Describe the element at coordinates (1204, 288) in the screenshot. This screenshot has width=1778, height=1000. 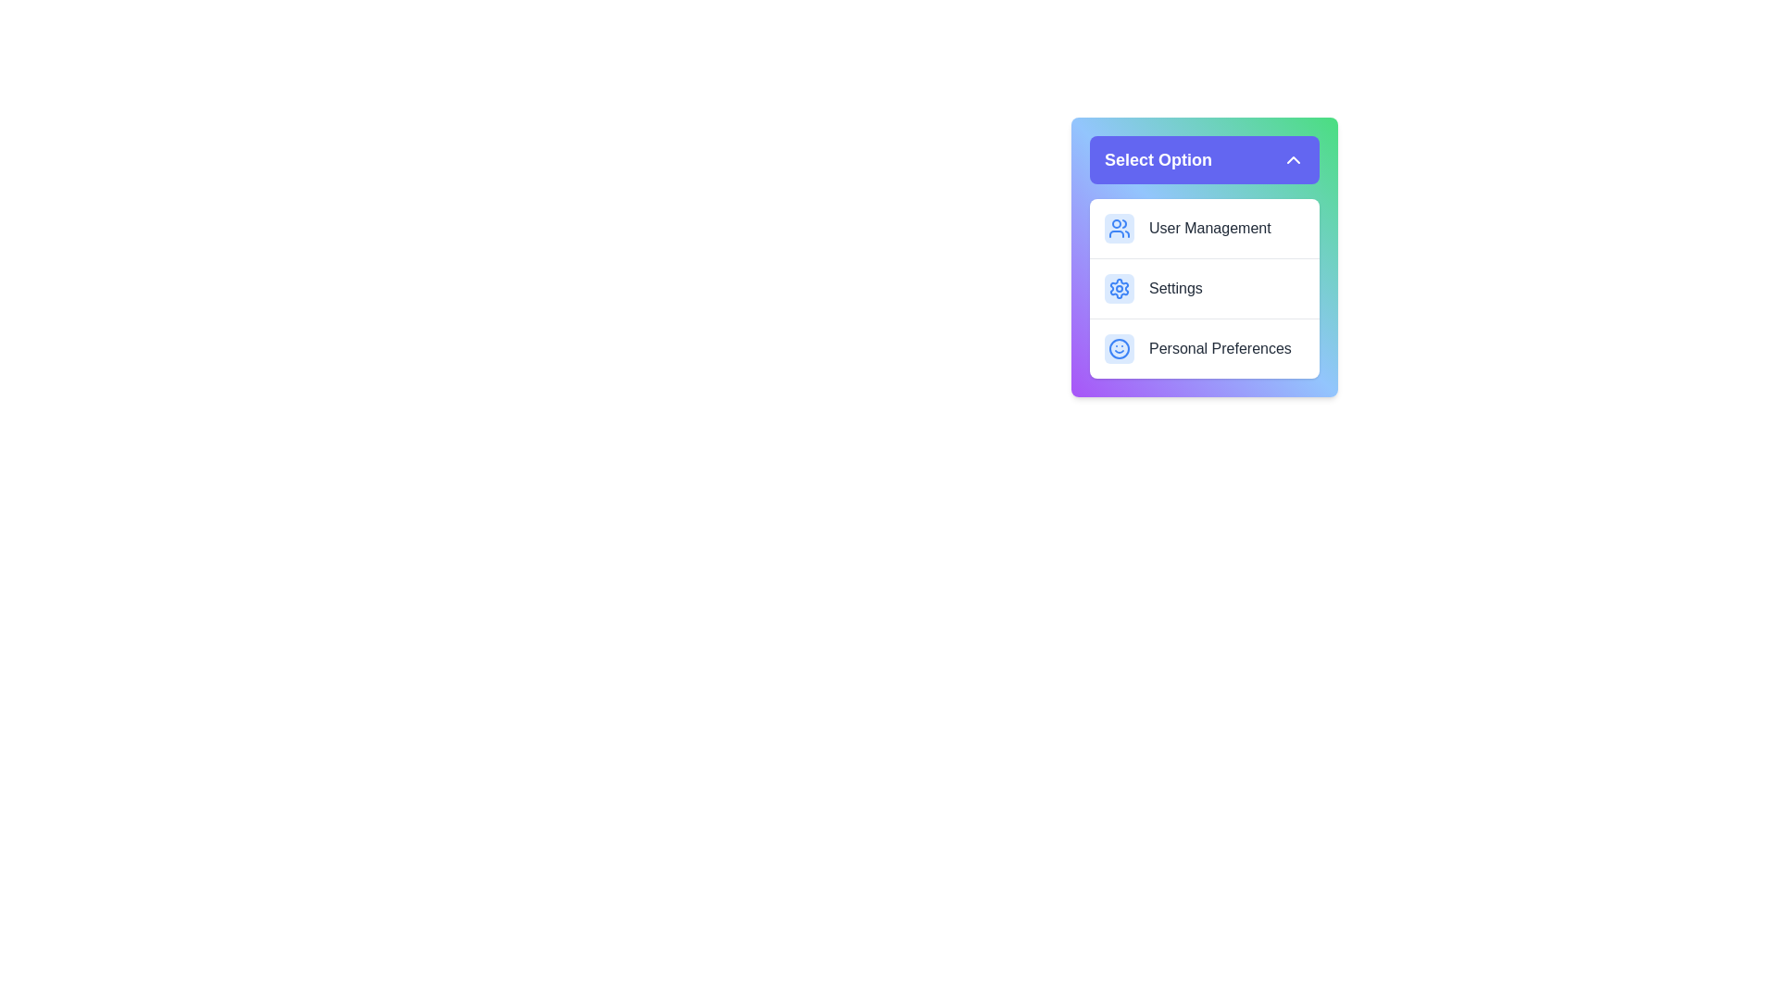
I see `the 'Settings' button` at that location.